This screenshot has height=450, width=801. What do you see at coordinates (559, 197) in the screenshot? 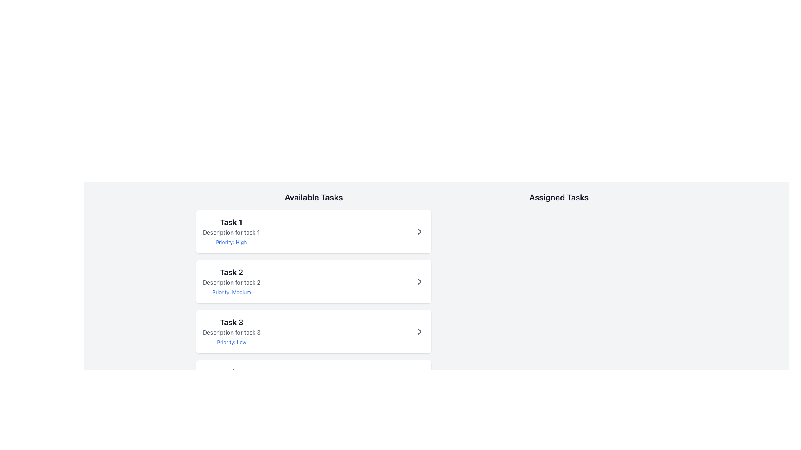
I see `the bold header text labeled 'Assigned Tasks' located at the top-right corner of the interface` at bounding box center [559, 197].